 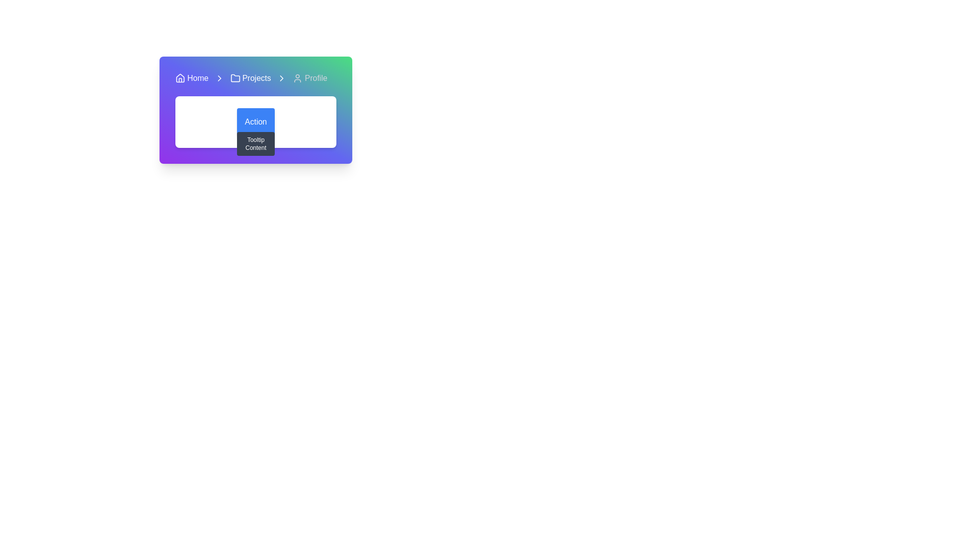 I want to click on the folder icon located to the left of the 'Projects' menu item in the horizontal navigation bar, so click(x=235, y=78).